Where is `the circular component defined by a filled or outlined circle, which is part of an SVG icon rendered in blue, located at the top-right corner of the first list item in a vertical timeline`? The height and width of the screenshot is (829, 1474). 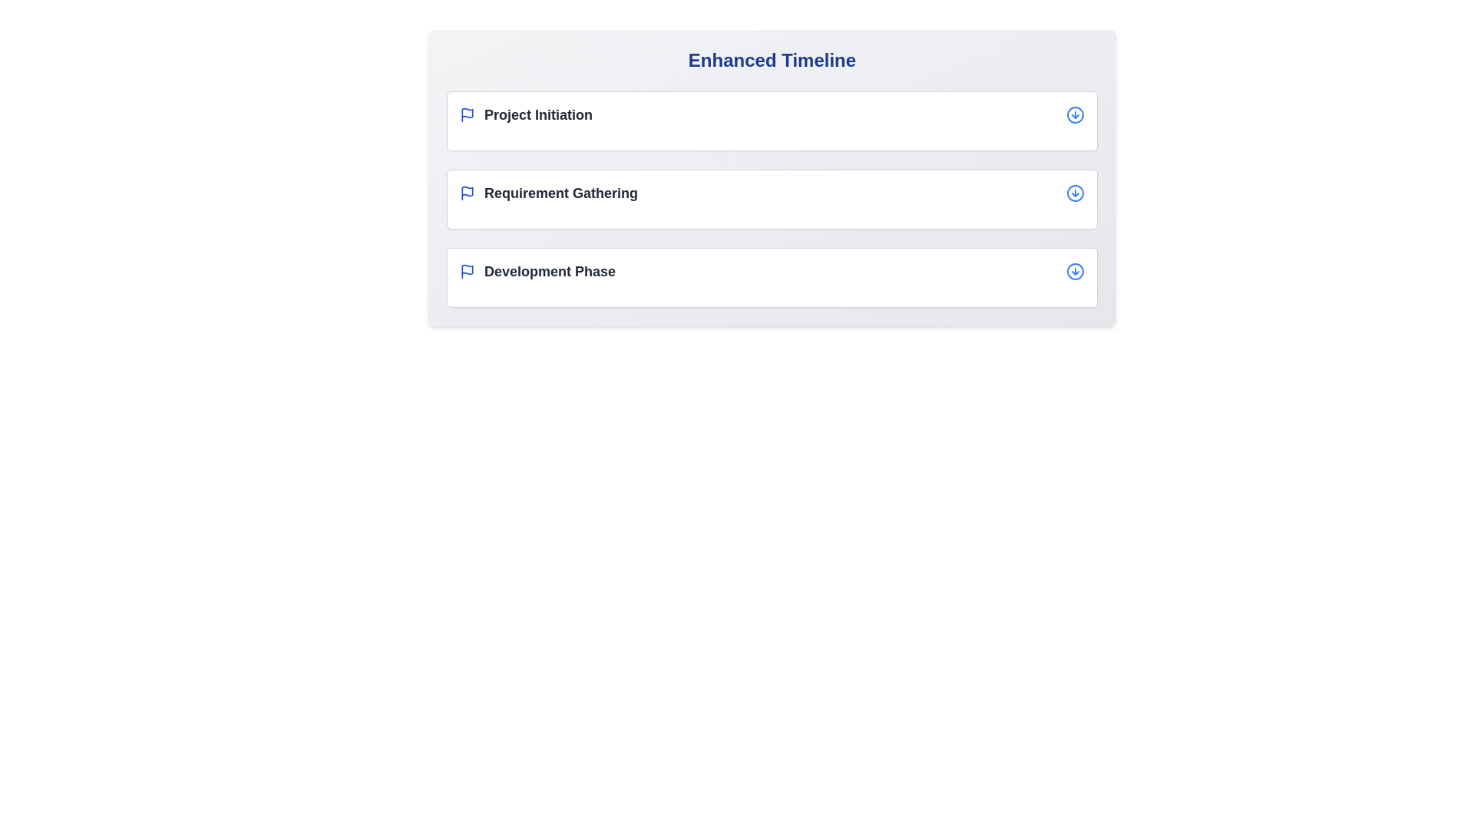 the circular component defined by a filled or outlined circle, which is part of an SVG icon rendered in blue, located at the top-right corner of the first list item in a vertical timeline is located at coordinates (1075, 114).